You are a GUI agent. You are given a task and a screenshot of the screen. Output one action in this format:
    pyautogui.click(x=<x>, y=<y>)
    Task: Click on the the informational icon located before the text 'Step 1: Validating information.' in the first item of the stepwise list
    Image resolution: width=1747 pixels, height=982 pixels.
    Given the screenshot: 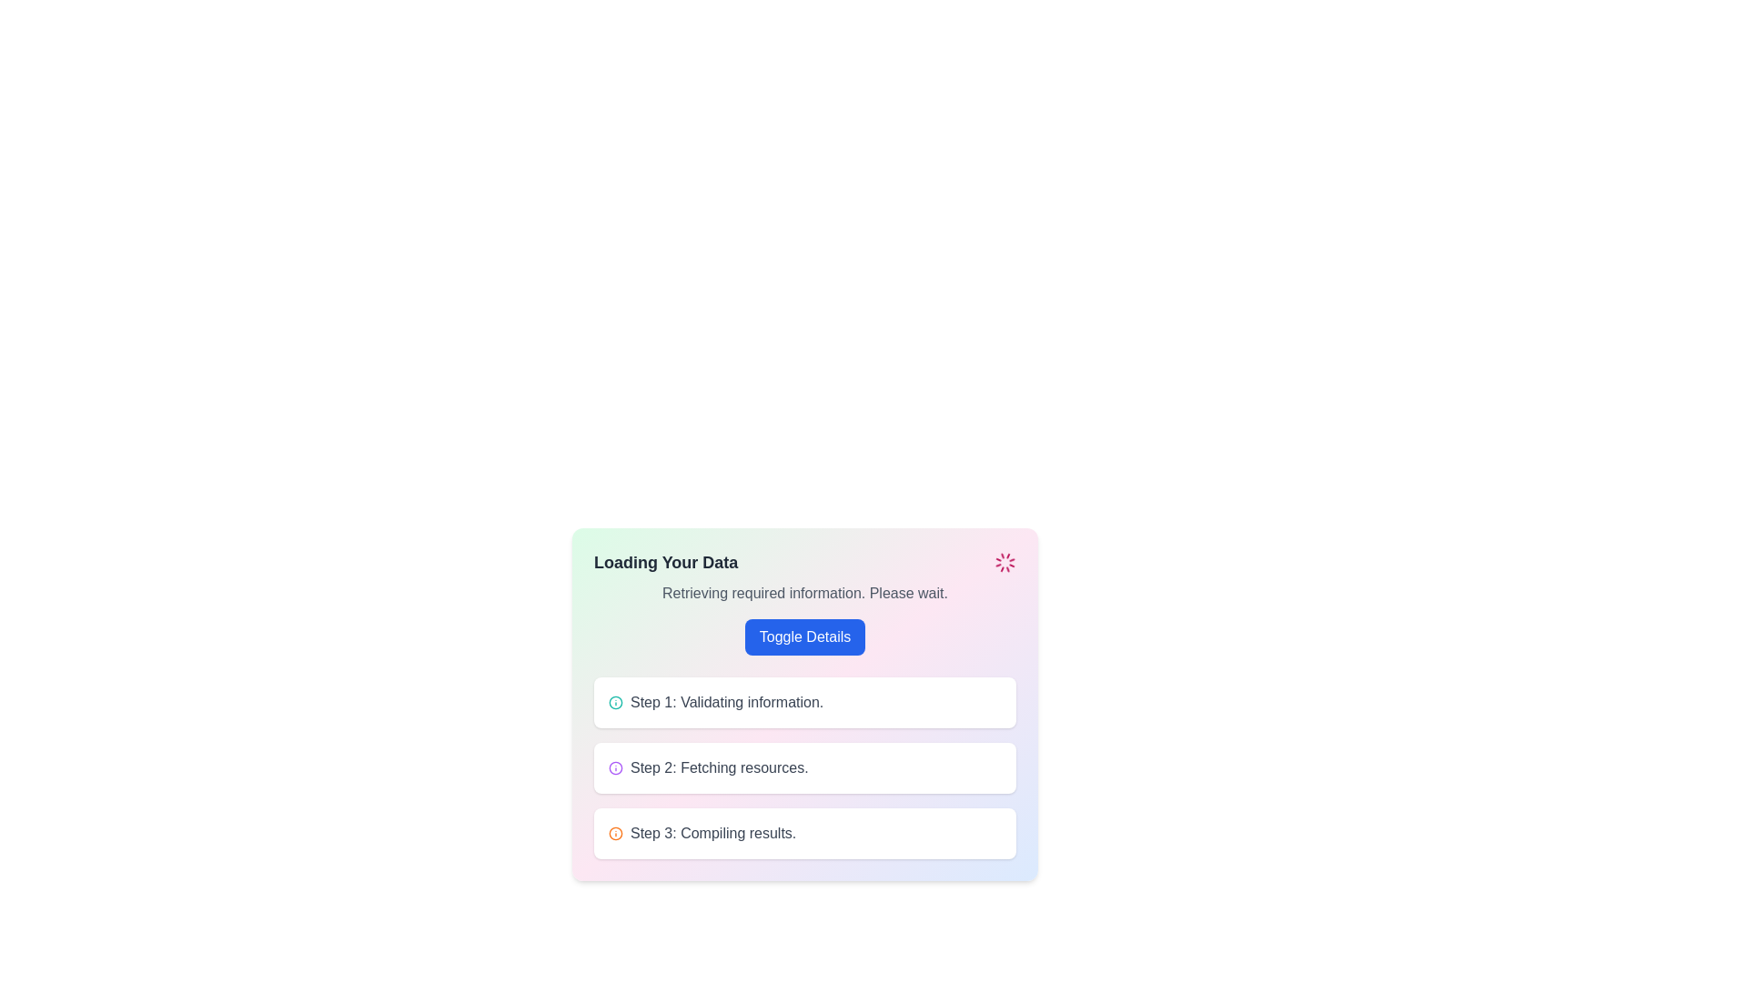 What is the action you would take?
    pyautogui.click(x=615, y=701)
    